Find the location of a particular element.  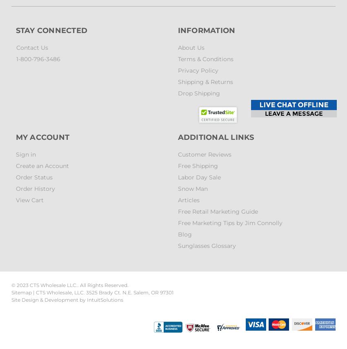

'Terms & Conditions' is located at coordinates (205, 59).